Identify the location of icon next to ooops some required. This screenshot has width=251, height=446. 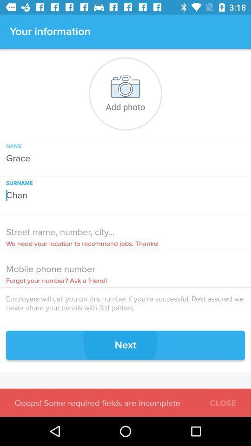
(222, 401).